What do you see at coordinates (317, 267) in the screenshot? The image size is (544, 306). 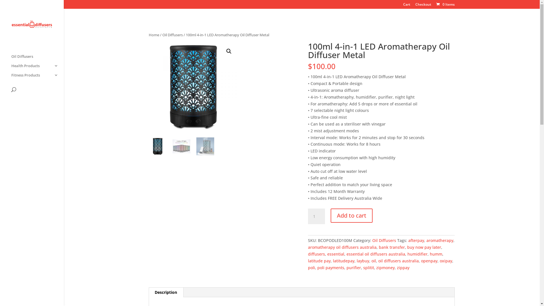 I see `'poli payments'` at bounding box center [317, 267].